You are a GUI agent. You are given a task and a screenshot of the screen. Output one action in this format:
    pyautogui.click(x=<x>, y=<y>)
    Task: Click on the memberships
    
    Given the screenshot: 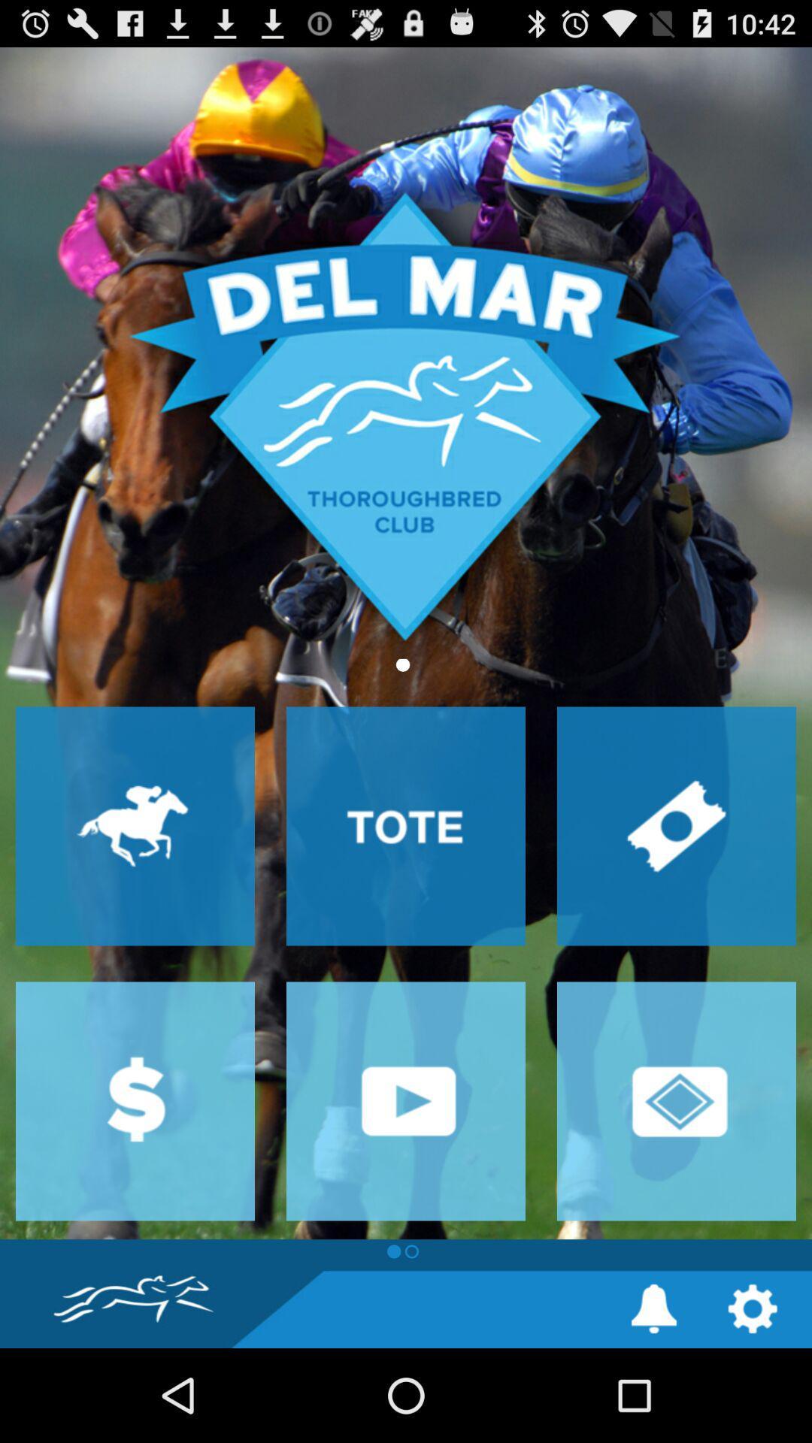 What is the action you would take?
    pyautogui.click(x=675, y=1101)
    